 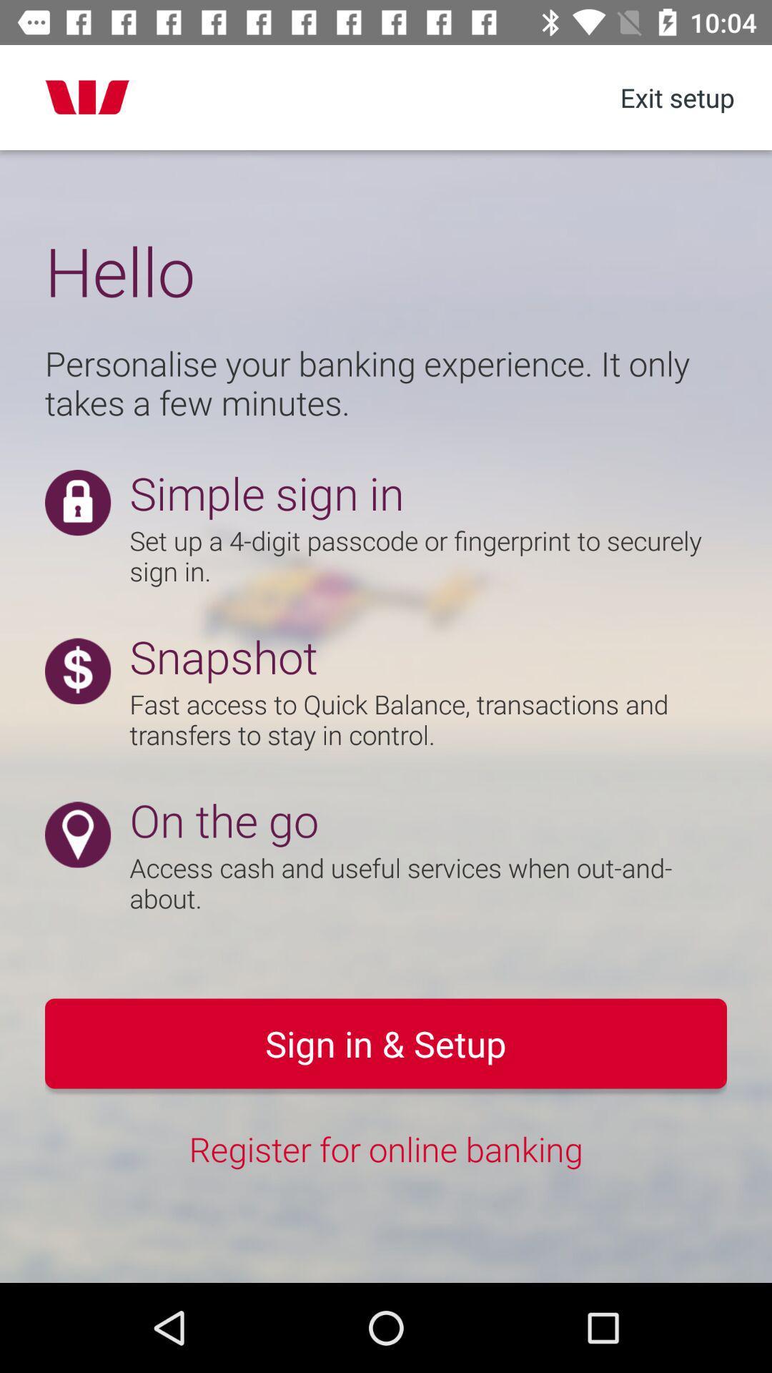 What do you see at coordinates (676, 97) in the screenshot?
I see `item at the top right corner` at bounding box center [676, 97].